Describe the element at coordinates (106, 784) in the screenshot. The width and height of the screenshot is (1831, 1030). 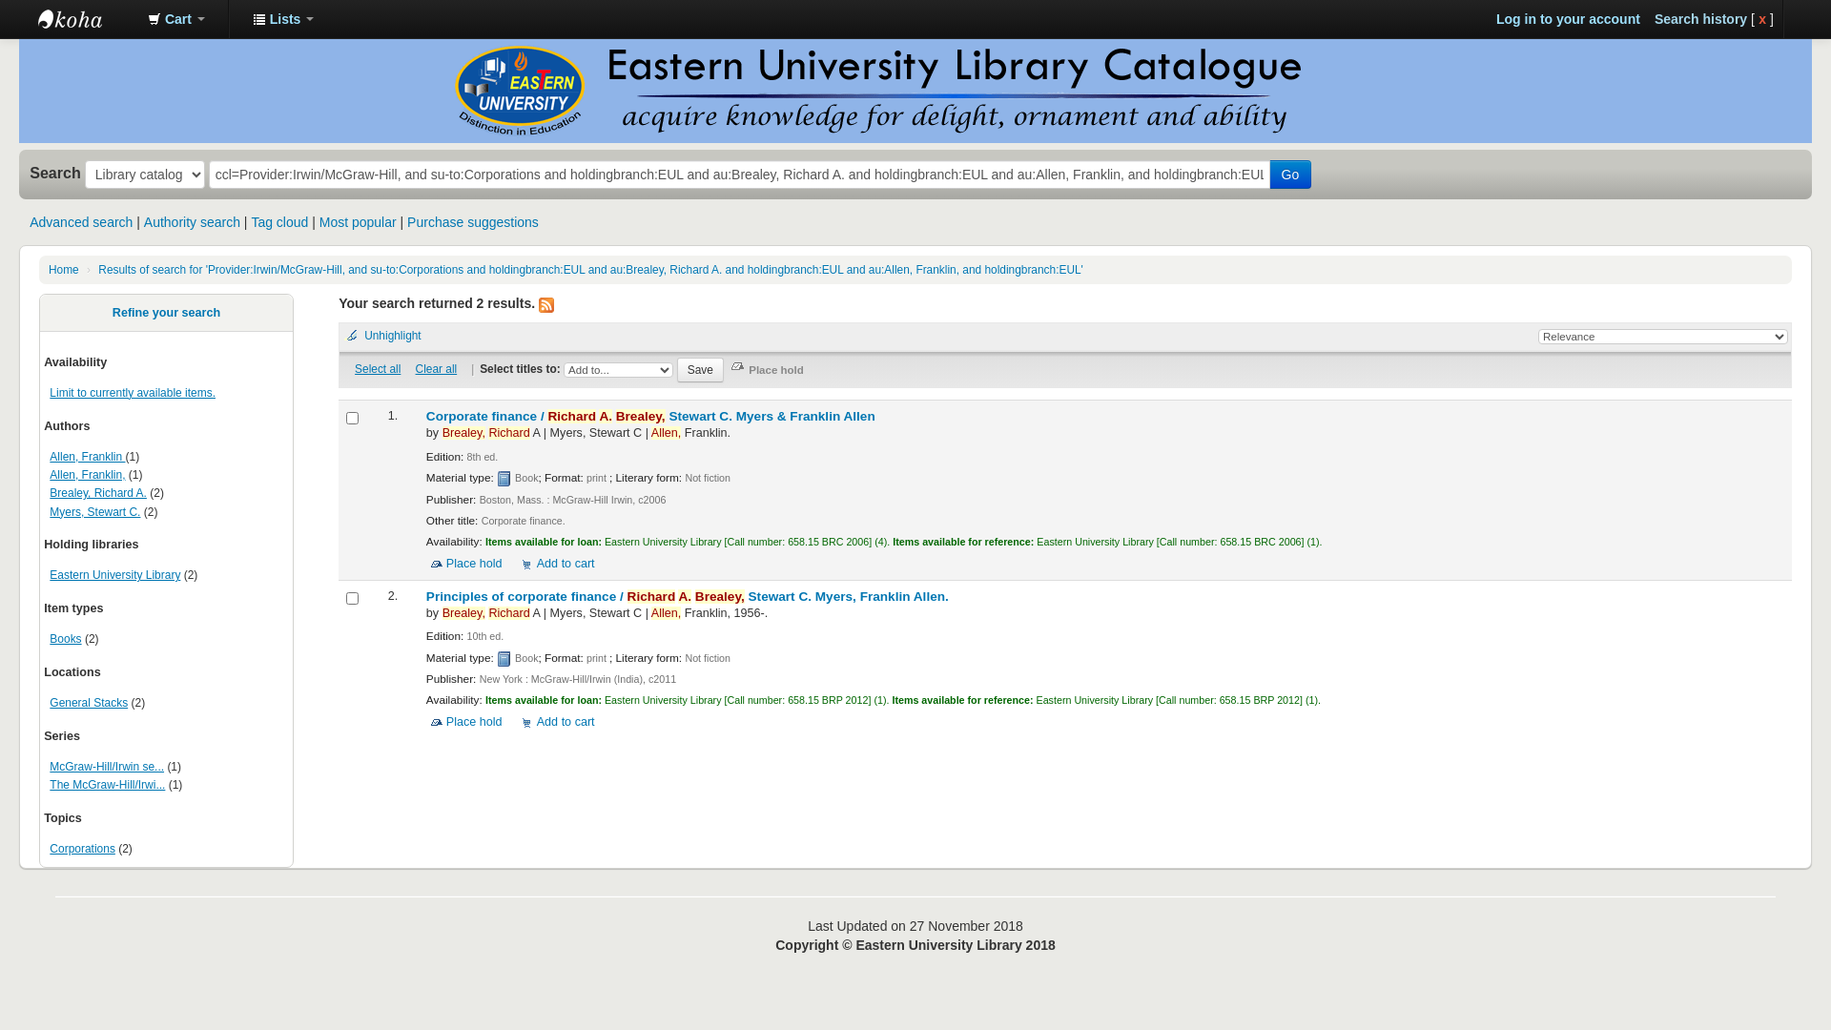
I see `'The McGraw-Hill/Irwi...'` at that location.